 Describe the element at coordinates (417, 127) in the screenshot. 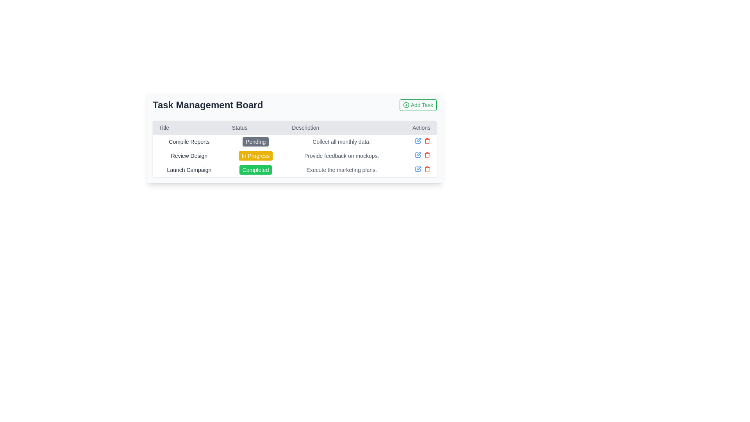

I see `the text label displaying 'Actions', which is right-aligned in the header row of the Task Management Board table` at that location.